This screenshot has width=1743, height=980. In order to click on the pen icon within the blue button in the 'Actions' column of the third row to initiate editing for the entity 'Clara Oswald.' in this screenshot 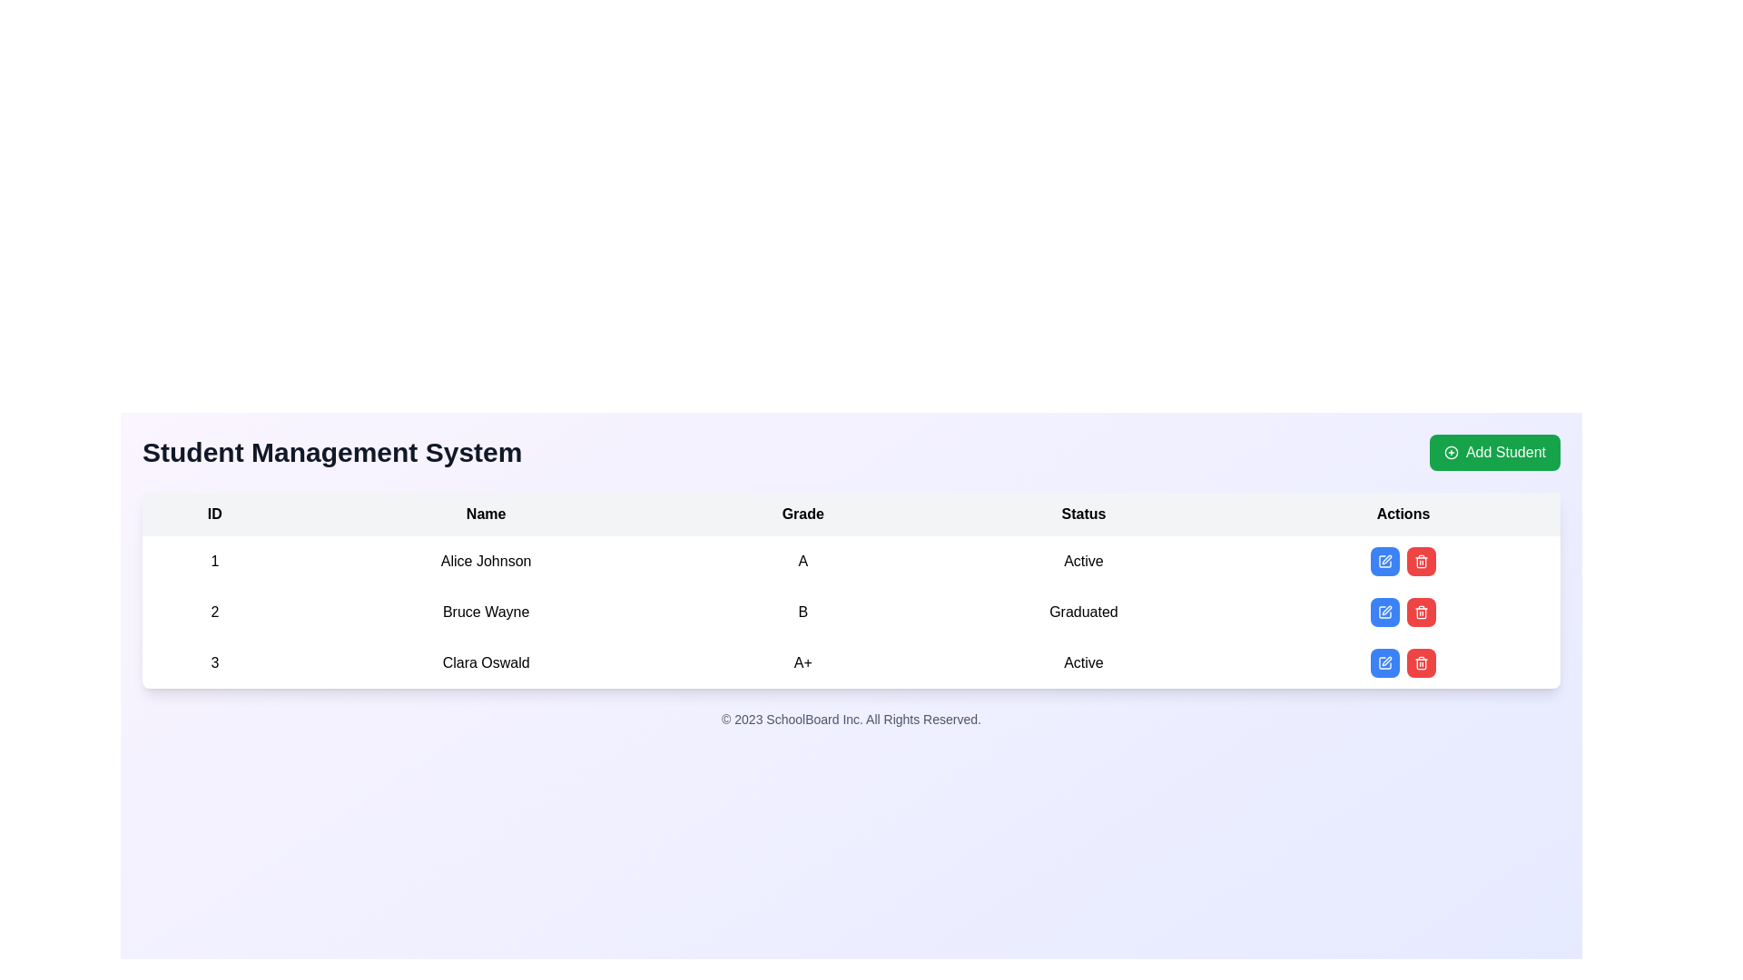, I will do `click(1384, 560)`.